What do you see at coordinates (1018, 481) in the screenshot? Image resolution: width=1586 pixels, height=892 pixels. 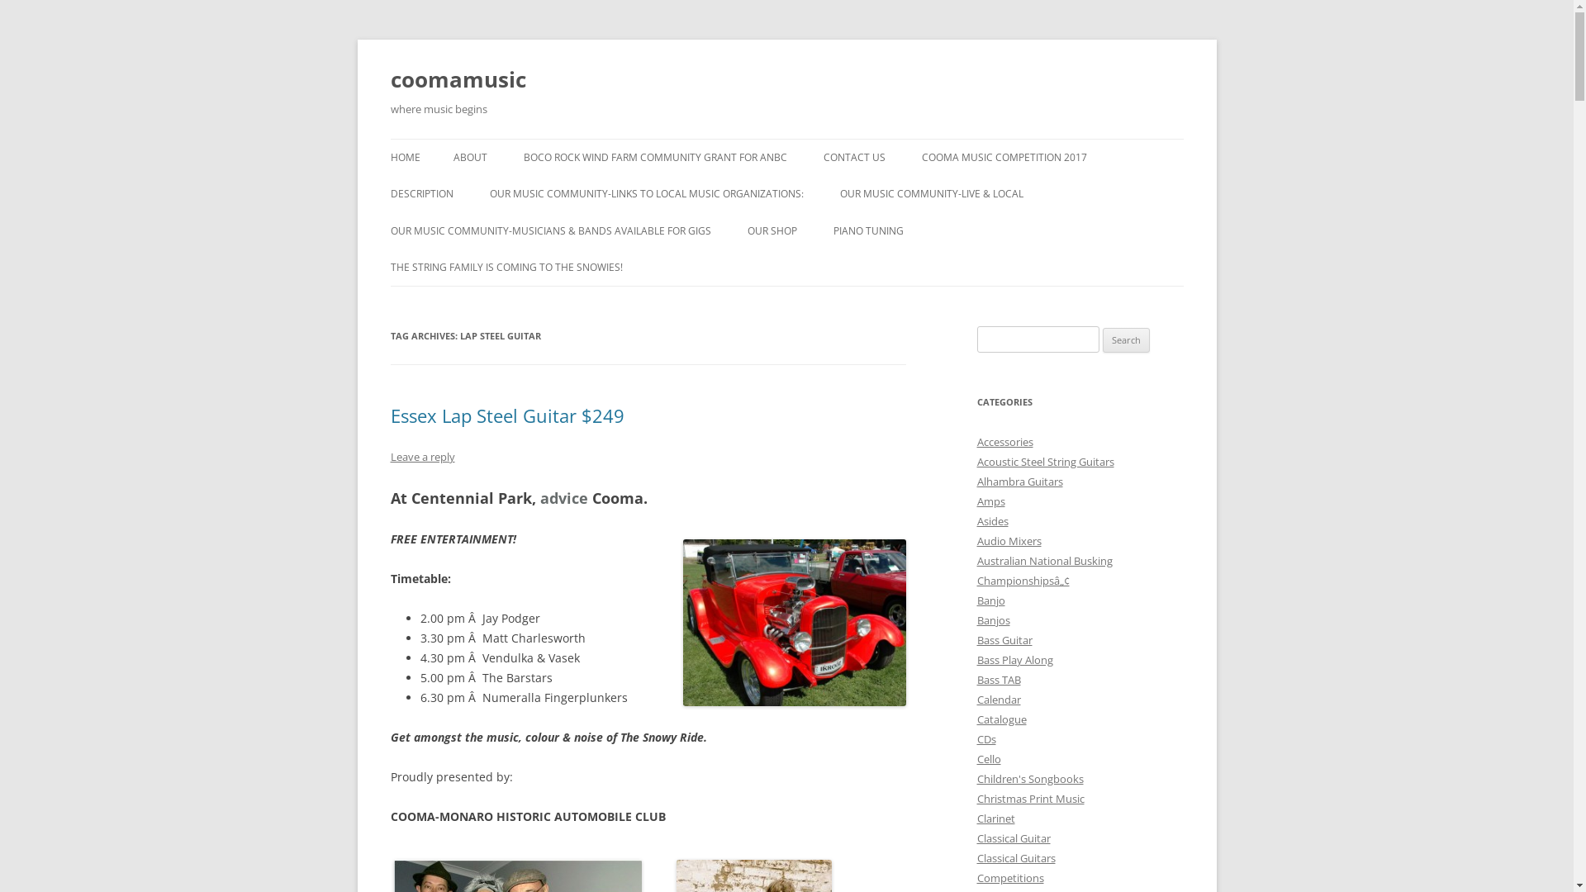 I see `'Alhambra Guitars'` at bounding box center [1018, 481].